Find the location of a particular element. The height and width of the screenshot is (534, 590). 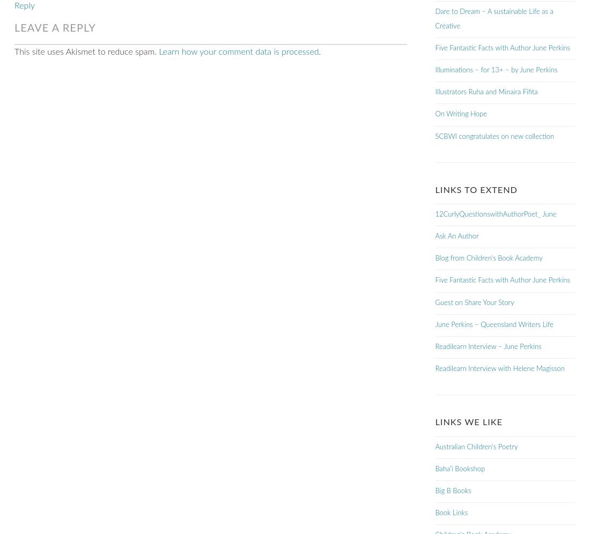

'Learn how your comment data is processed' is located at coordinates (238, 52).